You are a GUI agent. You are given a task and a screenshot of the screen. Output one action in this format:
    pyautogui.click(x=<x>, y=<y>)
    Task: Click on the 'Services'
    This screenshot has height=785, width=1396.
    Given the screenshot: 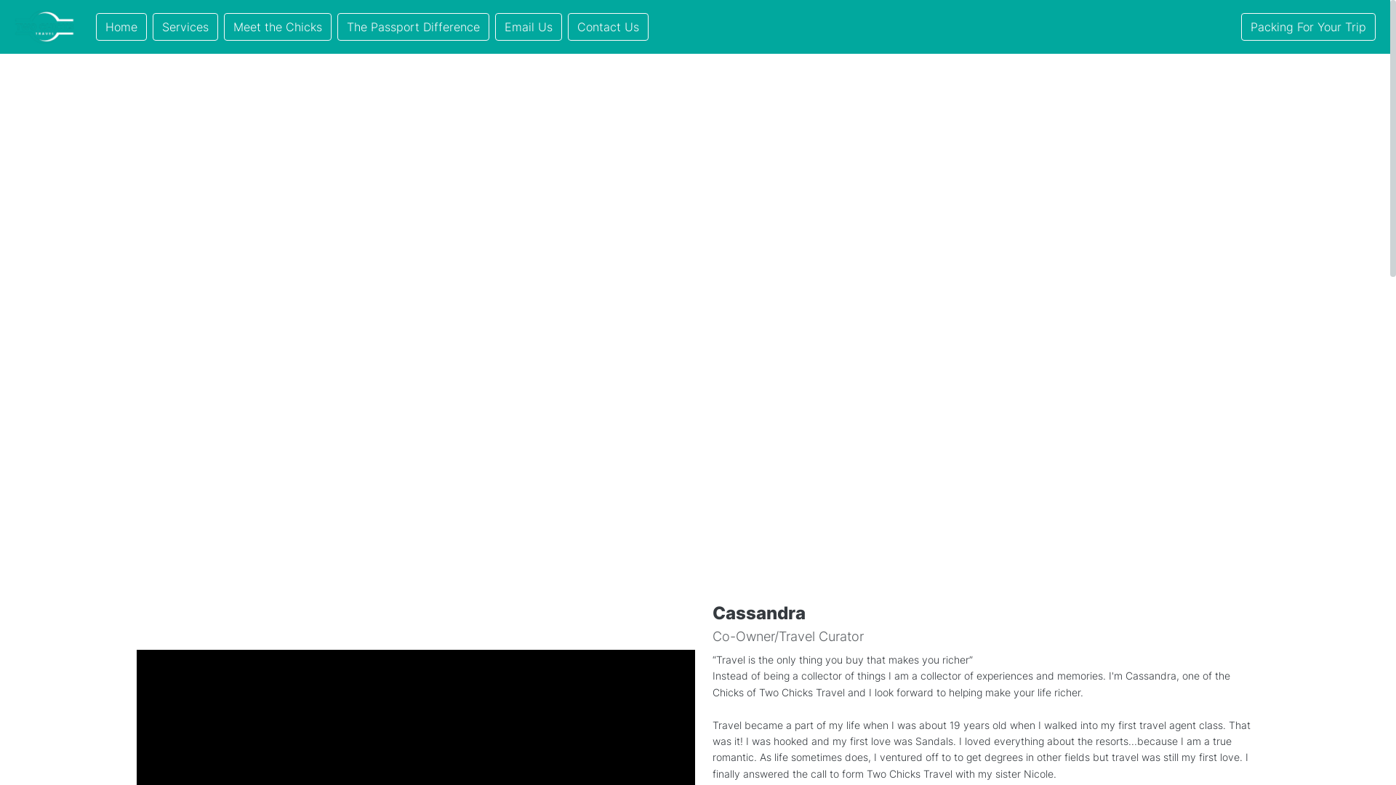 What is the action you would take?
    pyautogui.click(x=184, y=27)
    